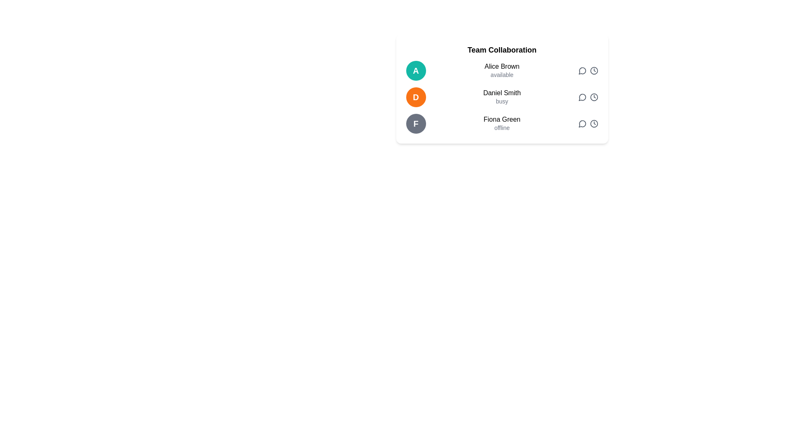 Image resolution: width=795 pixels, height=447 pixels. Describe the element at coordinates (501, 75) in the screenshot. I see `the gray text label located directly below the name 'Alice Brown', which is styled in a smaller font size and aligned with Alice's avatar and action icons` at that location.